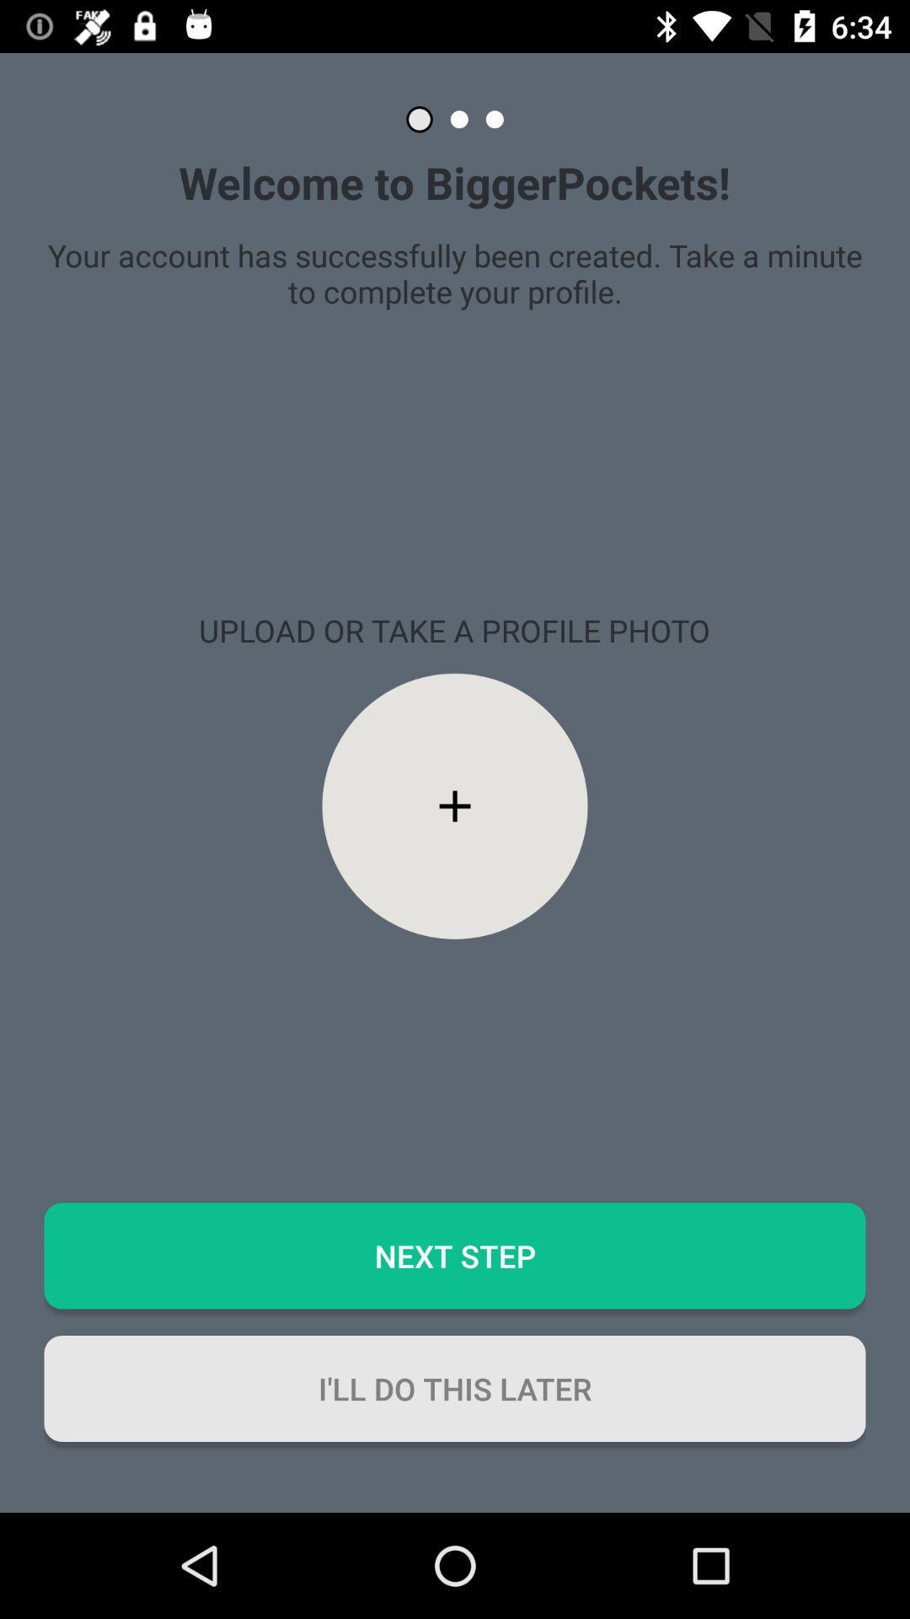 The height and width of the screenshot is (1619, 910). Describe the element at coordinates (455, 1256) in the screenshot. I see `the item above i ll do icon` at that location.